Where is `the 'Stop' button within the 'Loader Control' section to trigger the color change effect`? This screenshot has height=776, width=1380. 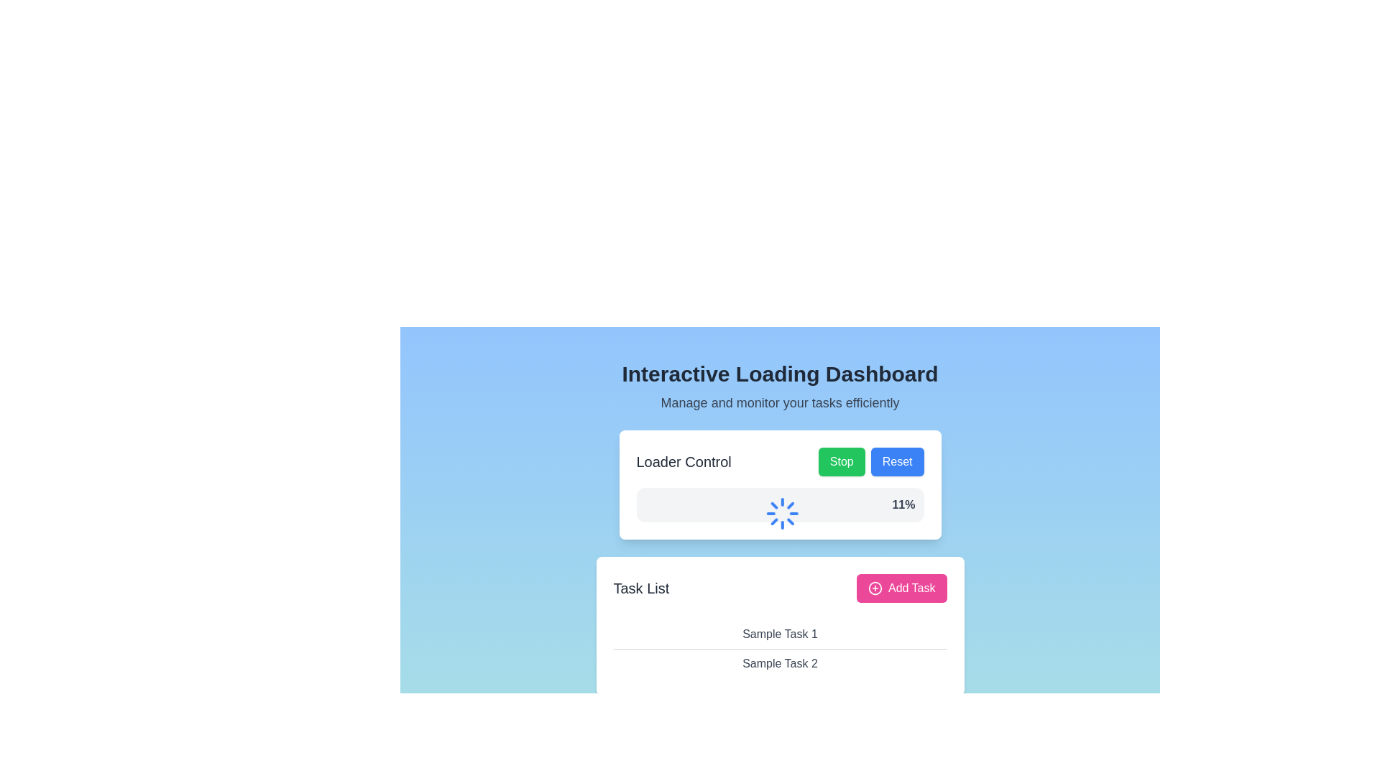
the 'Stop' button within the 'Loader Control' section to trigger the color change effect is located at coordinates (842, 462).